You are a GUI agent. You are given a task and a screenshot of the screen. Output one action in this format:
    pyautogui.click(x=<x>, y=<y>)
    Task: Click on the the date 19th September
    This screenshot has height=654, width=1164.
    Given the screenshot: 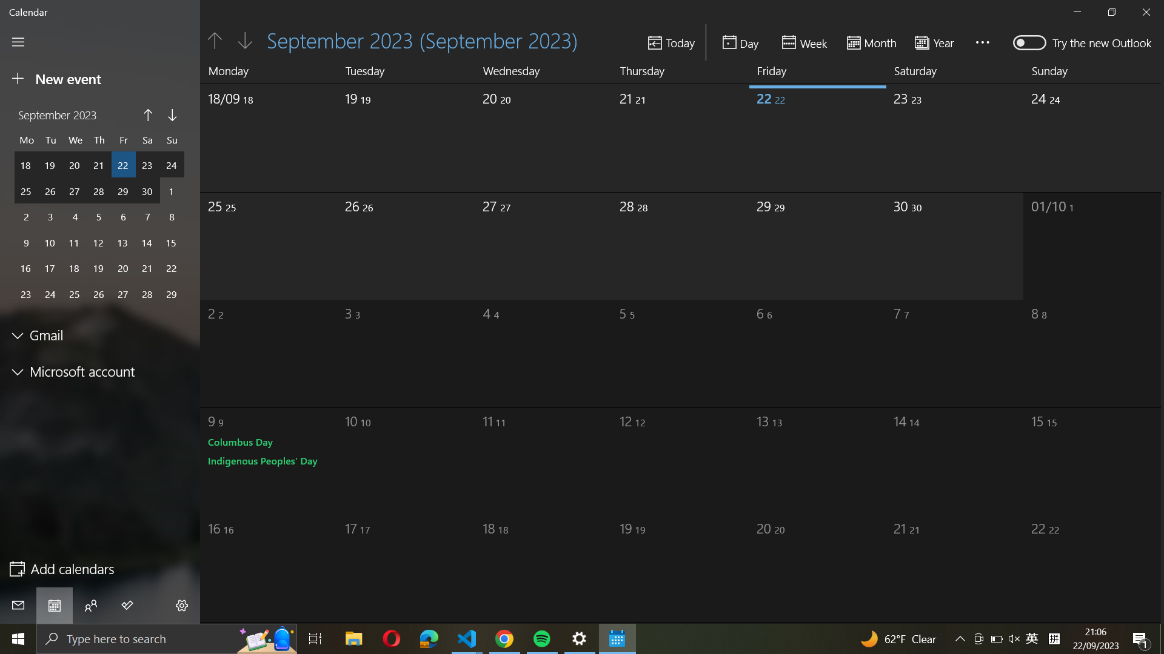 What is the action you would take?
    pyautogui.click(x=380, y=135)
    